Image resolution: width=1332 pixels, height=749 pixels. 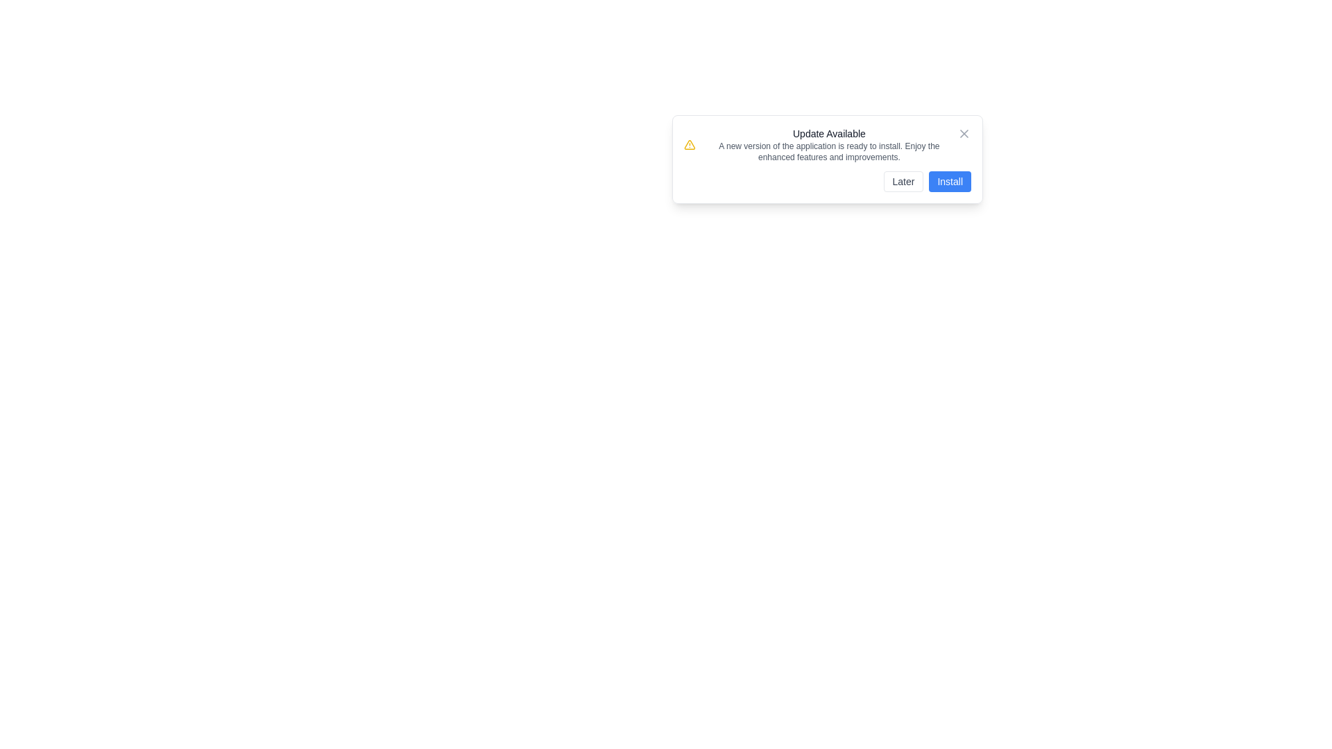 What do you see at coordinates (964, 133) in the screenshot?
I see `the 'X' shaped close button located in the top-right corner of the 'Update Available' notification dialog` at bounding box center [964, 133].